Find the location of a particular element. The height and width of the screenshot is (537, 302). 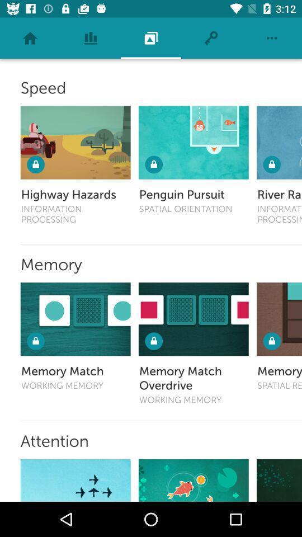

open story is located at coordinates (75, 479).